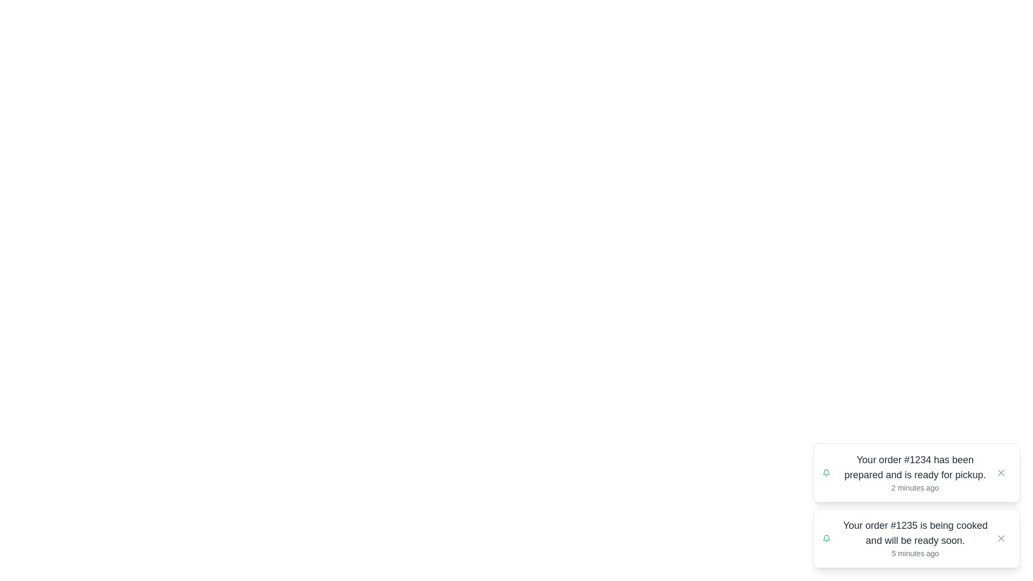 This screenshot has height=581, width=1033. I want to click on the close button located in the lower right corner of the notification card, so click(1001, 539).